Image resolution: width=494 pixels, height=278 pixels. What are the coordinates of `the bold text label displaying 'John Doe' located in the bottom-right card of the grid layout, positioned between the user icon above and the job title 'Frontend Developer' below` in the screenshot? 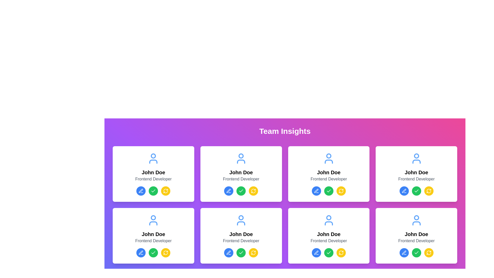 It's located at (416, 234).